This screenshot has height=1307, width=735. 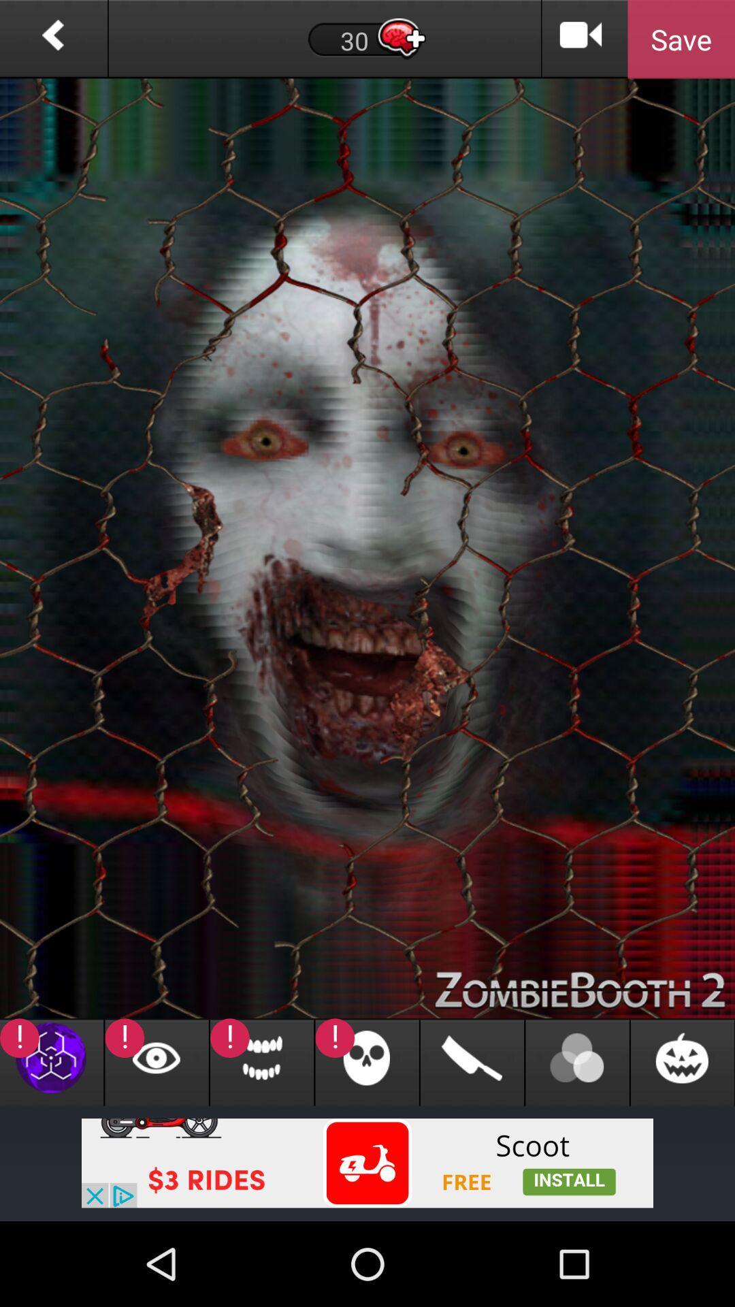 What do you see at coordinates (52, 42) in the screenshot?
I see `the arrow_backward icon` at bounding box center [52, 42].